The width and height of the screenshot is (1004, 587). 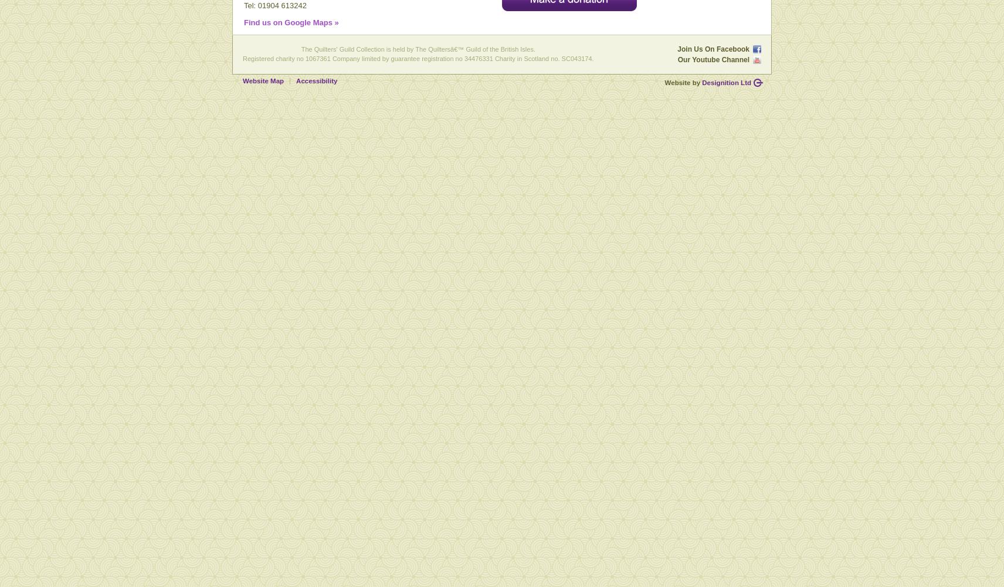 I want to click on 'Accessibility', so click(x=316, y=80).